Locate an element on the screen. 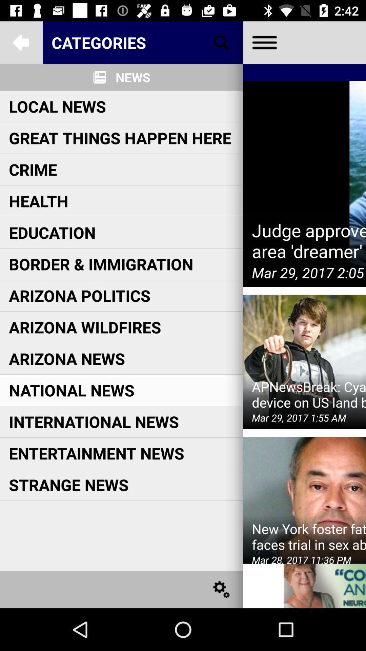 The image size is (366, 651). the menu icon is located at coordinates (264, 42).